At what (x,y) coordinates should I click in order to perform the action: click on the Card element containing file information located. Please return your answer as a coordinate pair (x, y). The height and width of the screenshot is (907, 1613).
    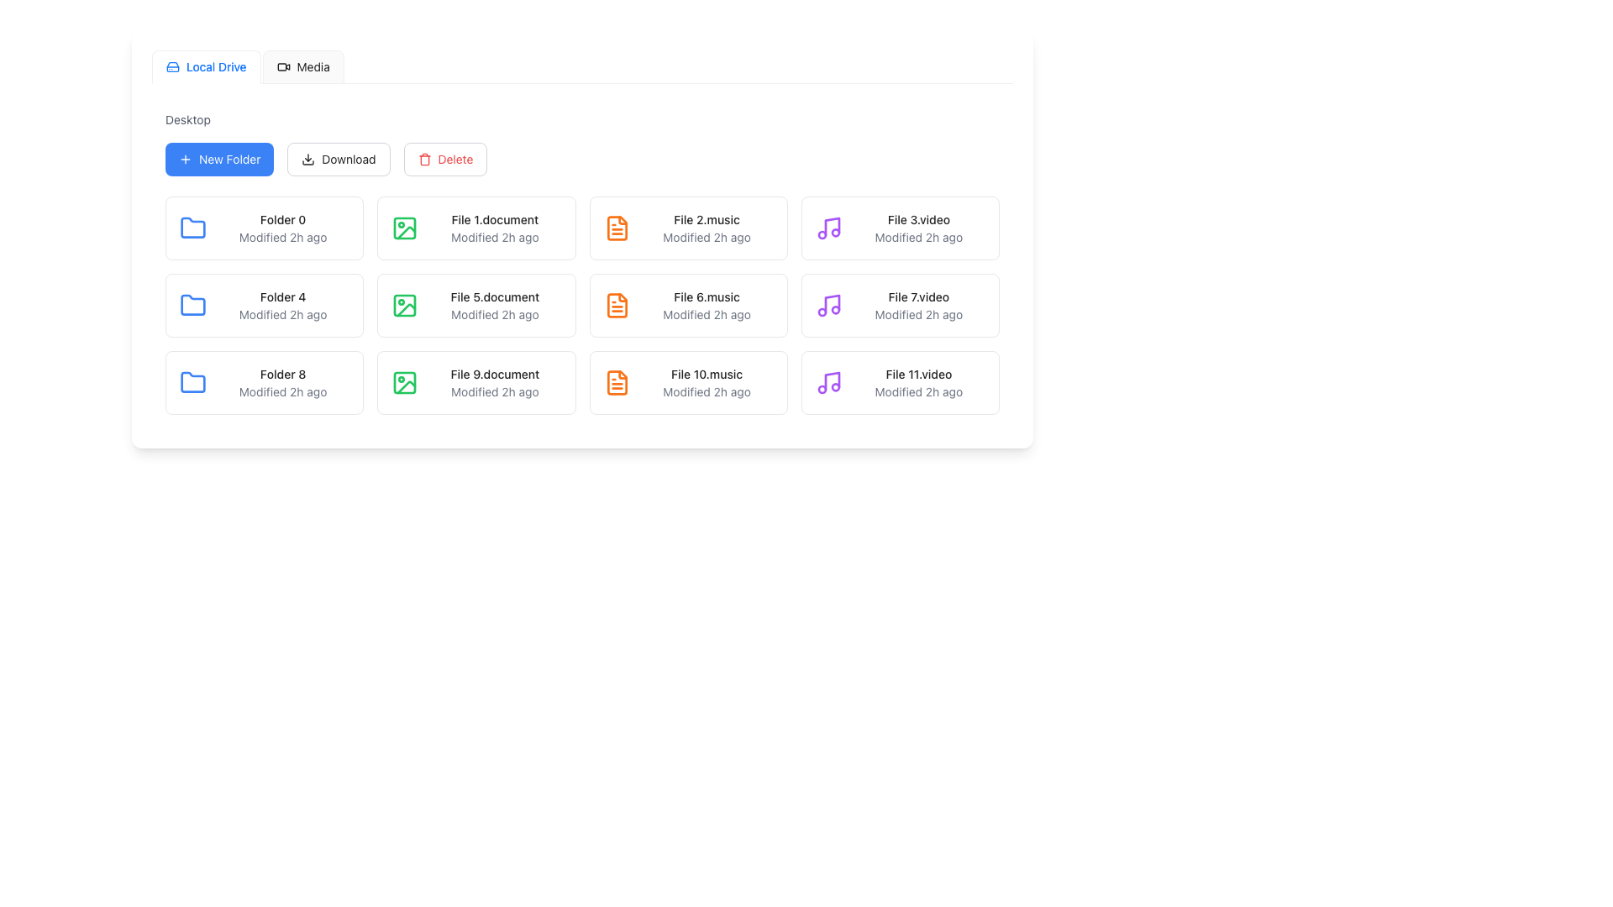
    Looking at the image, I should click on (899, 228).